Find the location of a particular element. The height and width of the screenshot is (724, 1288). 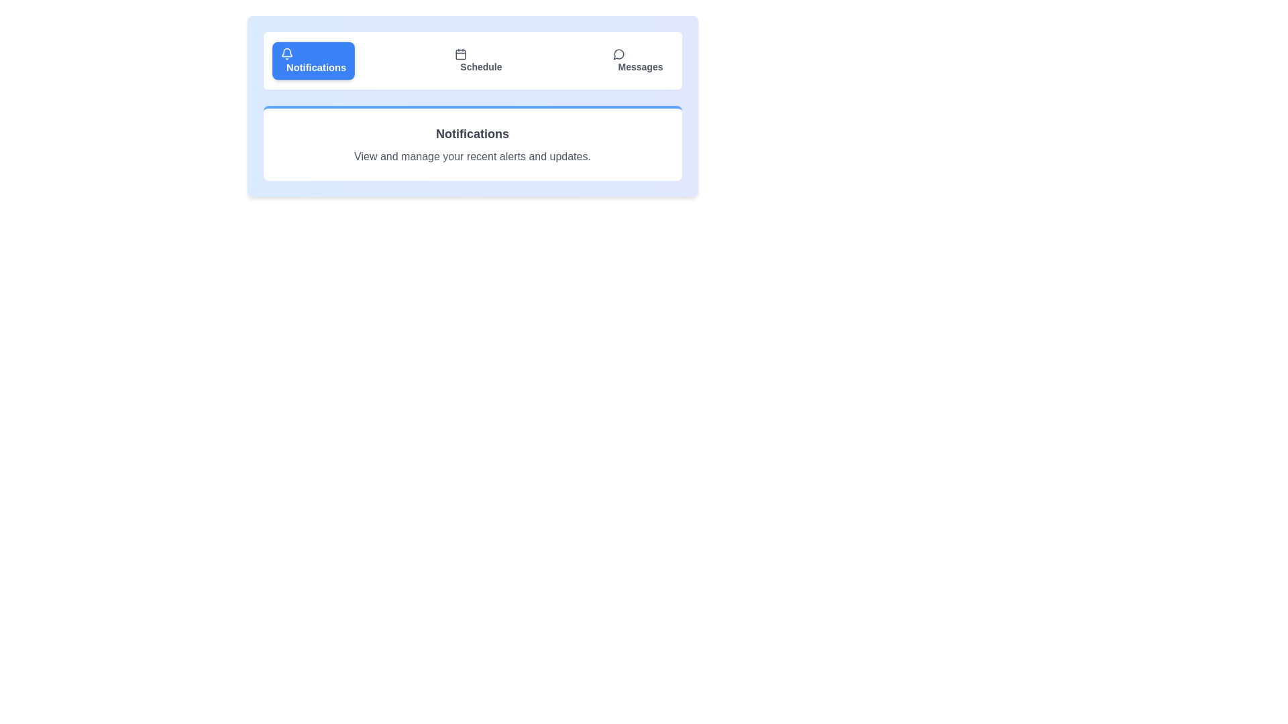

the Schedule tab by clicking on its respective button is located at coordinates (478, 61).